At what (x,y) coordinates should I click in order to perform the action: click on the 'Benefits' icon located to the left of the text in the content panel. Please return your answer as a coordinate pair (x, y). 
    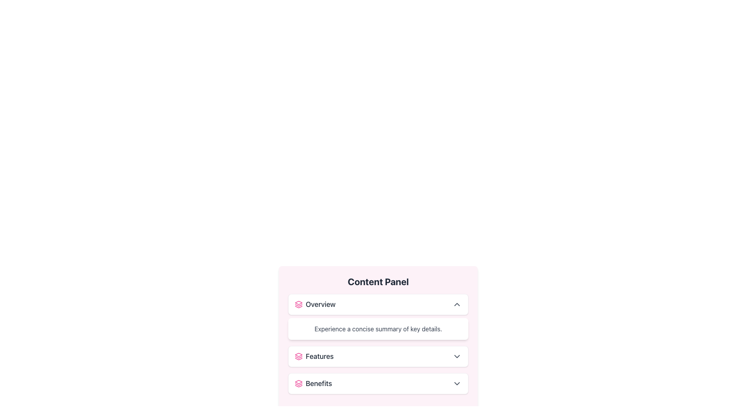
    Looking at the image, I should click on (298, 383).